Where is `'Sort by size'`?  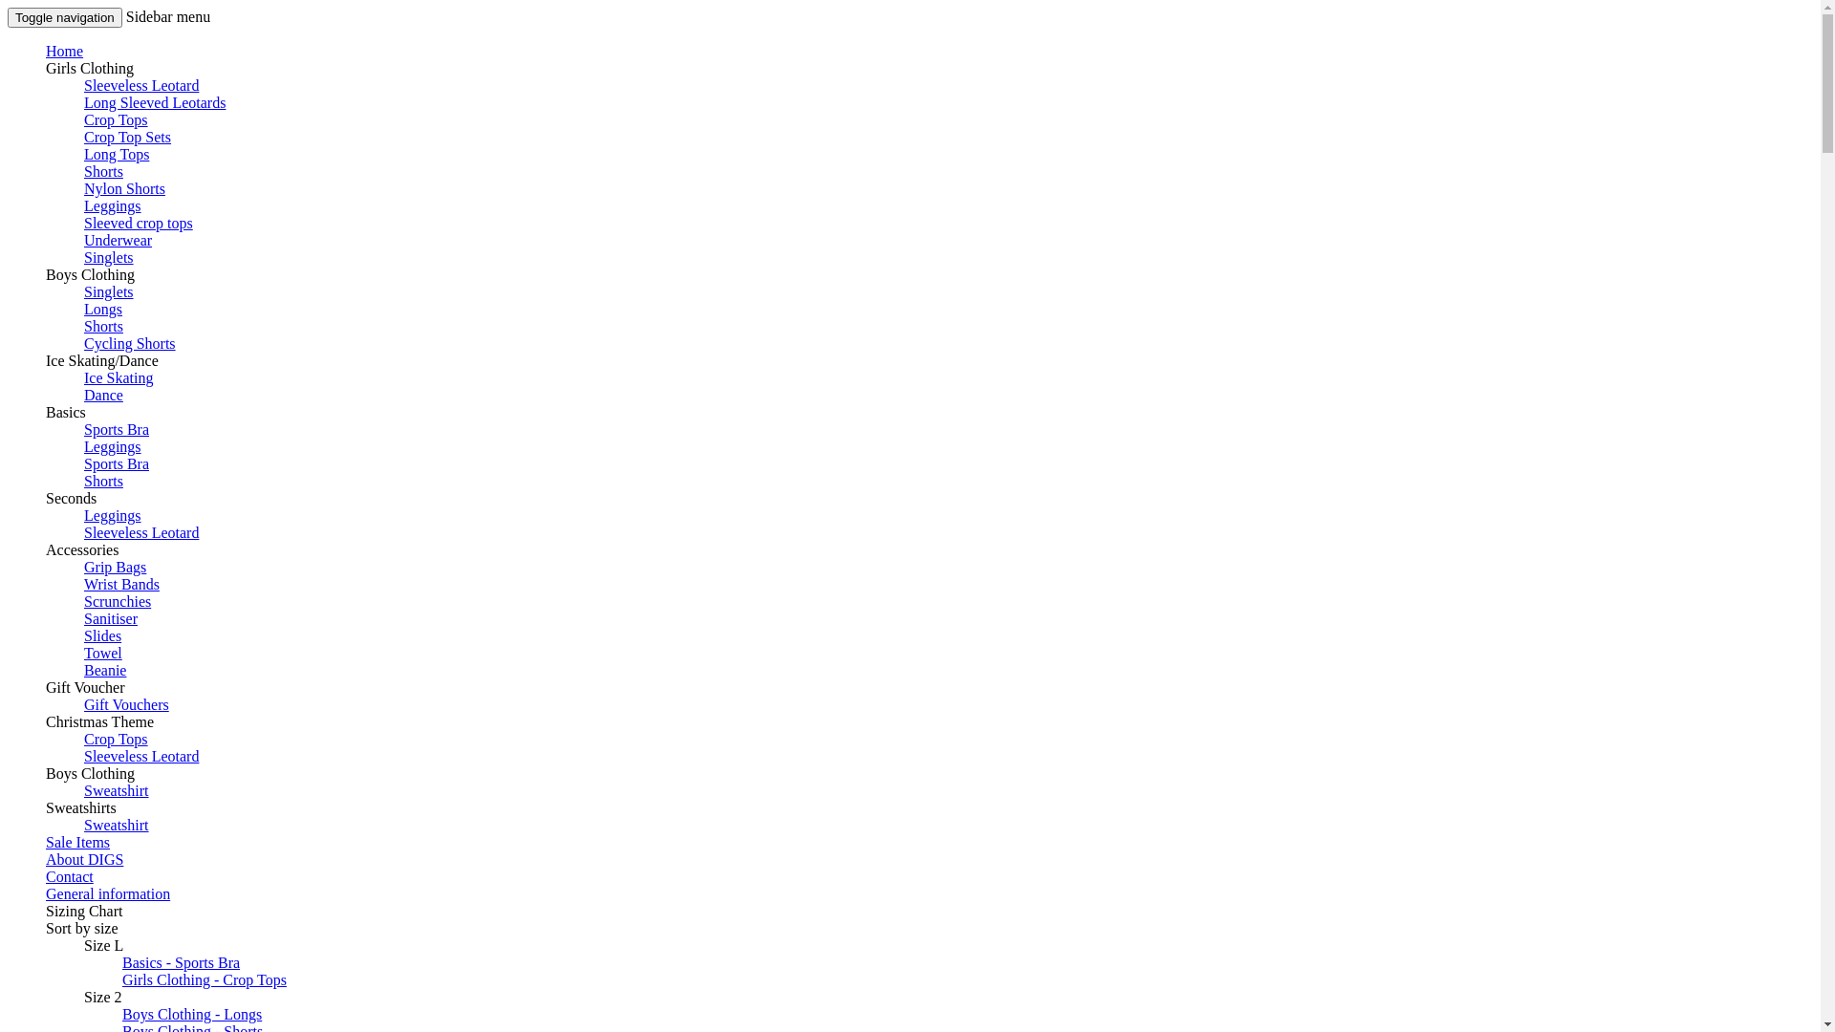
'Sort by size' is located at coordinates (46, 927).